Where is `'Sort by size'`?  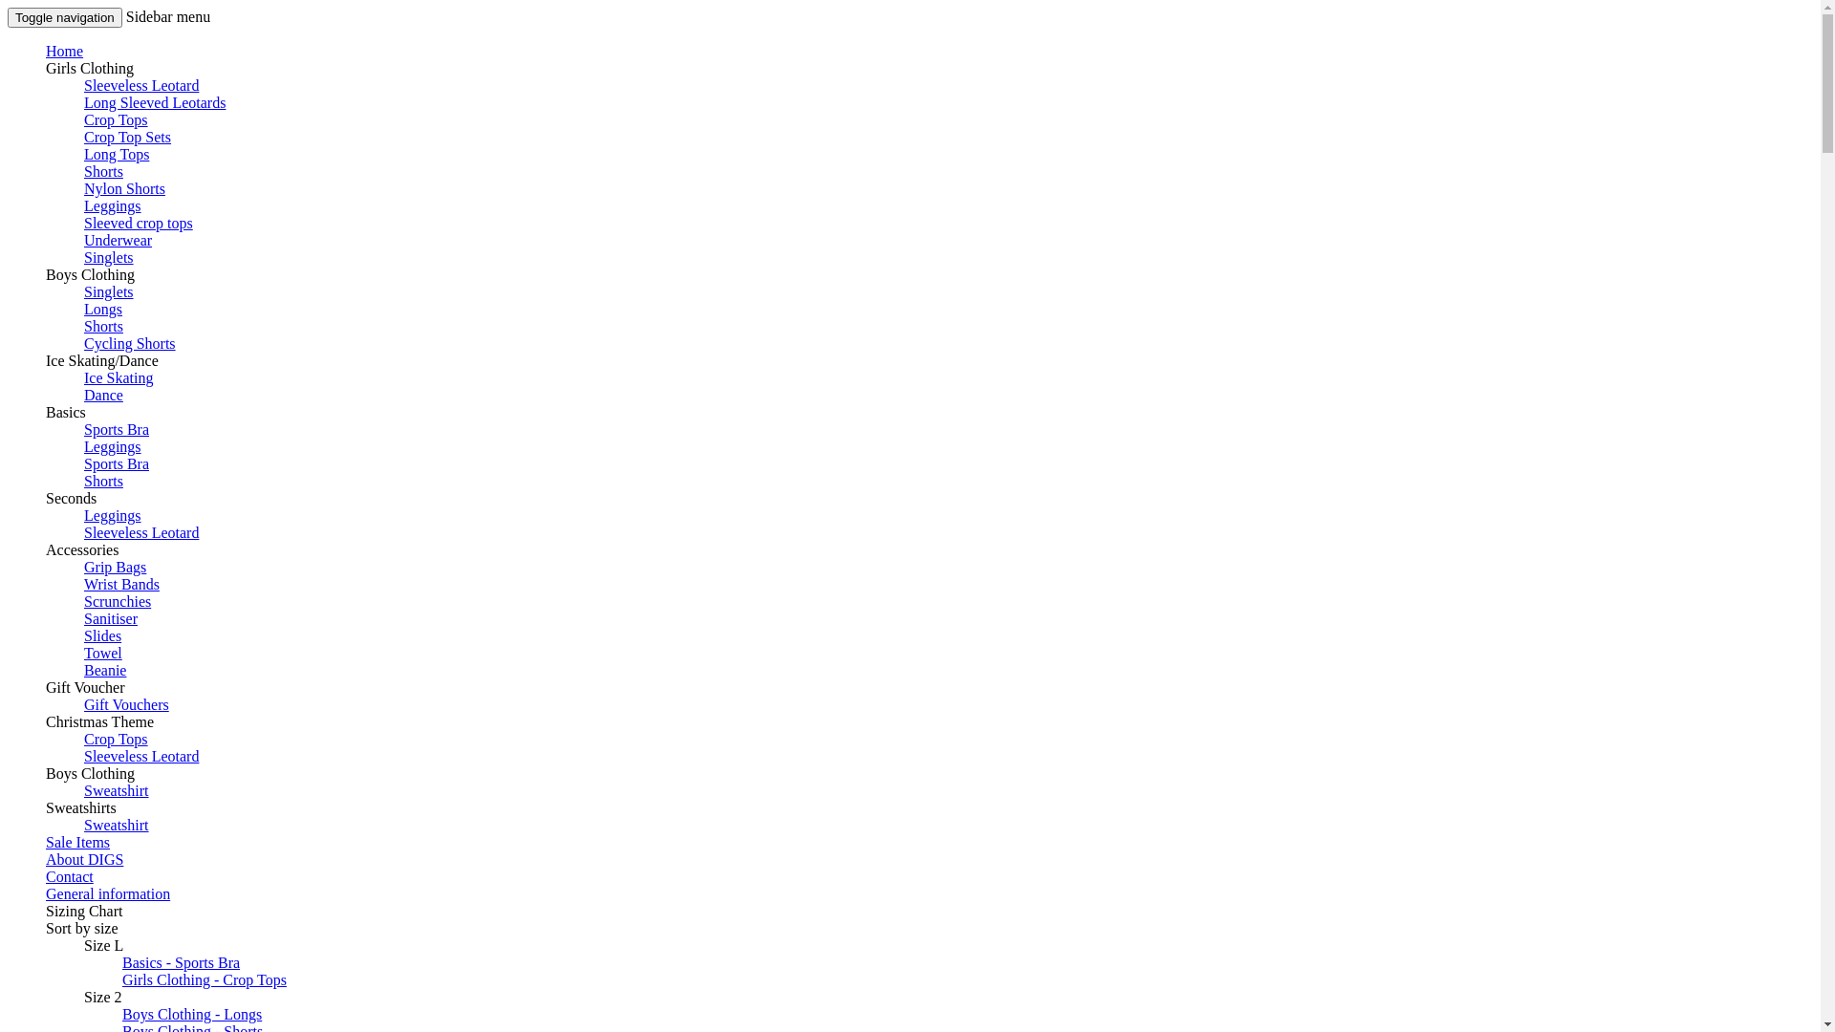
'Sort by size' is located at coordinates (46, 927).